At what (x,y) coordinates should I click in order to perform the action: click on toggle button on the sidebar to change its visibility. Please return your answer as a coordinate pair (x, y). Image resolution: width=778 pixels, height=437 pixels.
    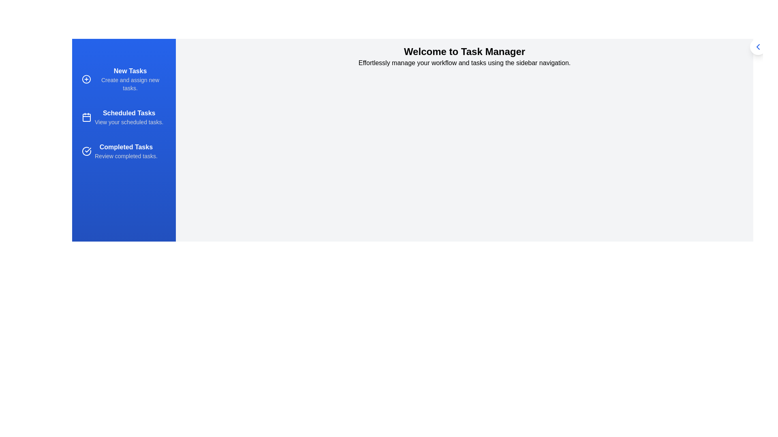
    Looking at the image, I should click on (758, 47).